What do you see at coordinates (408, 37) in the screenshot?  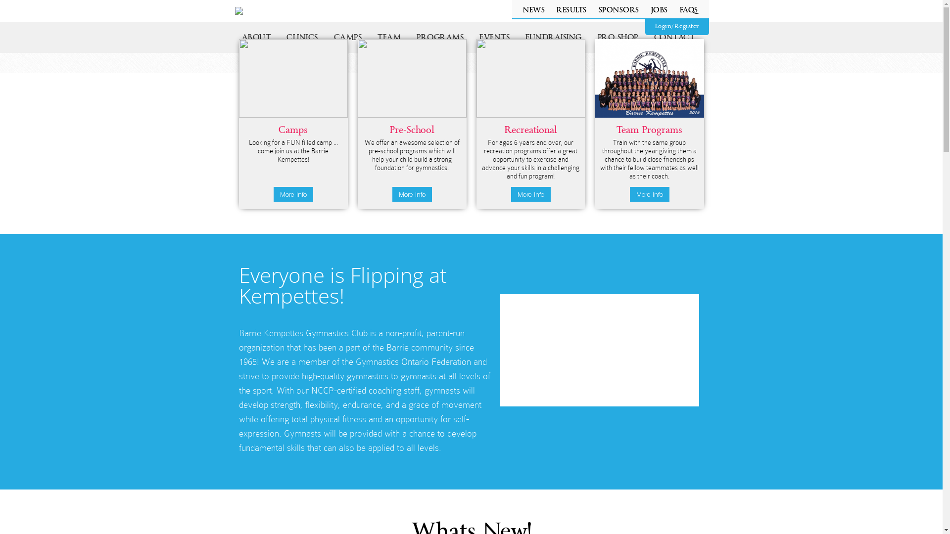 I see `'PROGRAMS'` at bounding box center [408, 37].